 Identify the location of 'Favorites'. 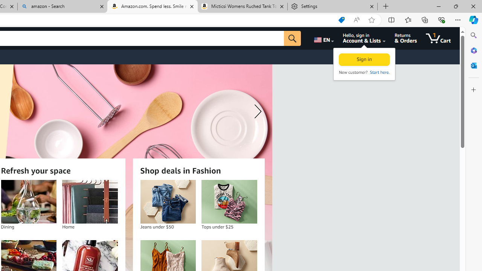
(407, 19).